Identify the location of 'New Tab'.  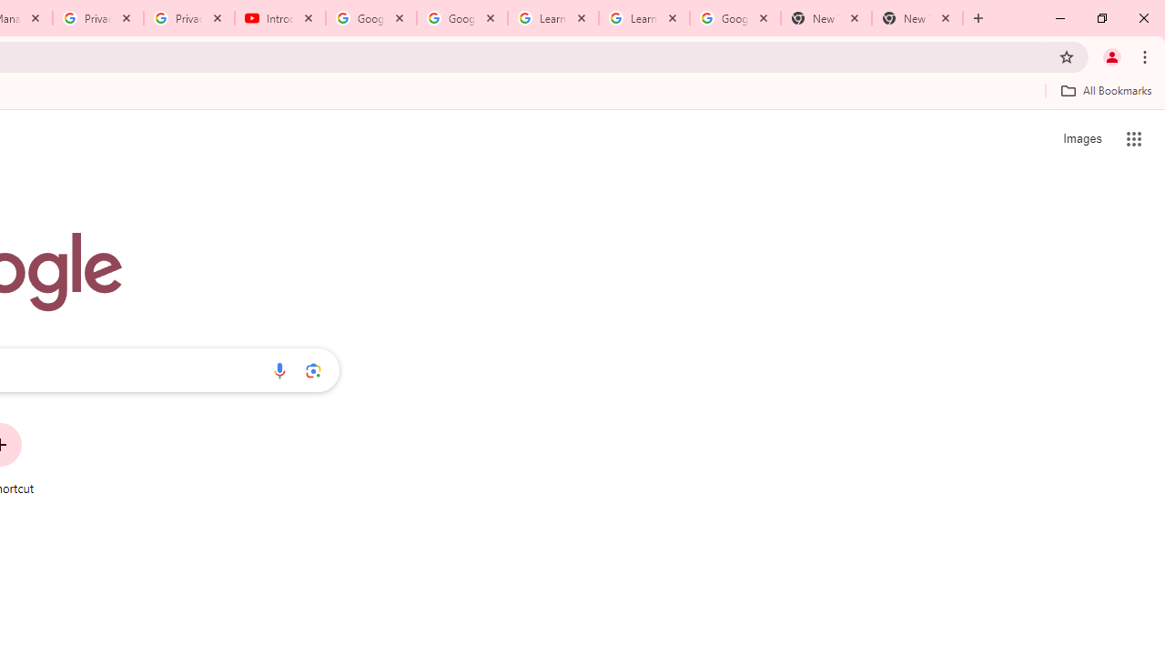
(917, 18).